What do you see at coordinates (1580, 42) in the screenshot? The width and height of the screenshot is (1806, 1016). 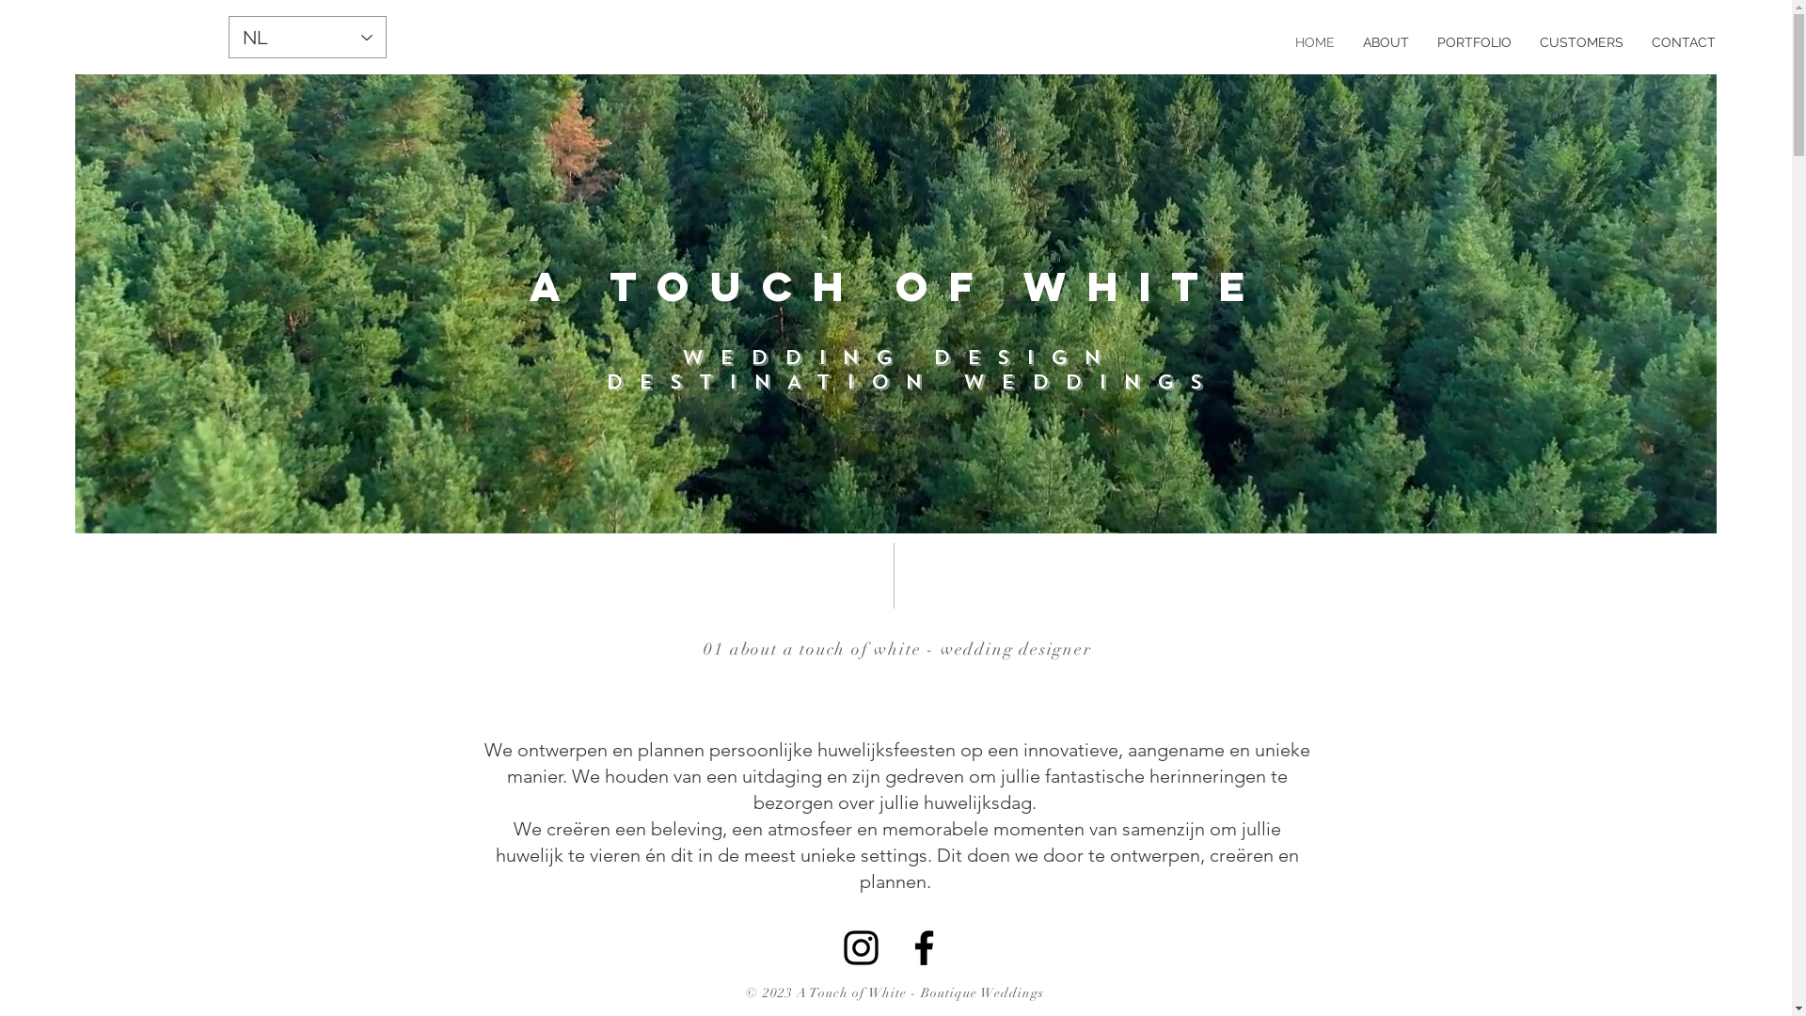 I see `'CUSTOMERS'` at bounding box center [1580, 42].